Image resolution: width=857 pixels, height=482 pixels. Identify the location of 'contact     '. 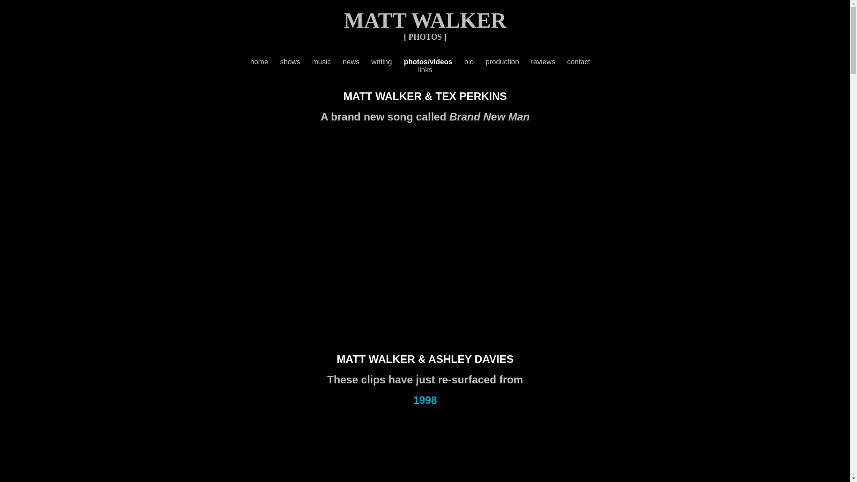
(566, 61).